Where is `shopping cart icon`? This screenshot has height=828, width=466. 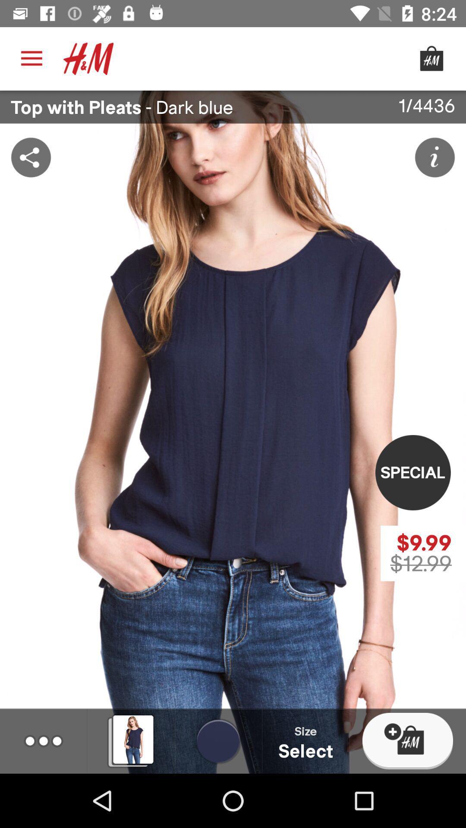 shopping cart icon is located at coordinates (431, 58).